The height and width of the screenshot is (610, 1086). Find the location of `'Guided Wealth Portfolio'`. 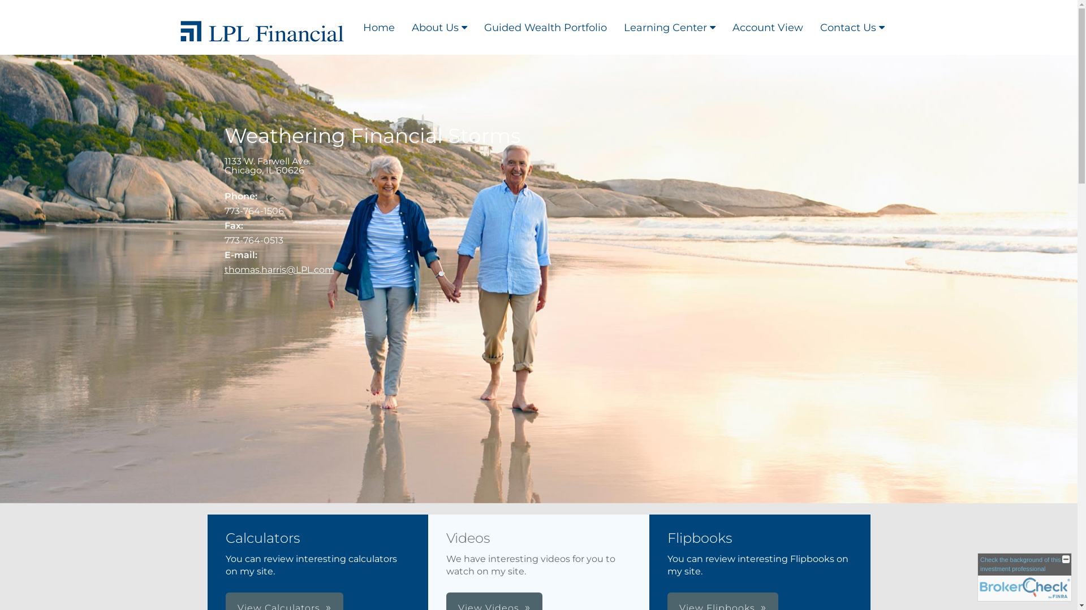

'Guided Wealth Portfolio' is located at coordinates (545, 26).